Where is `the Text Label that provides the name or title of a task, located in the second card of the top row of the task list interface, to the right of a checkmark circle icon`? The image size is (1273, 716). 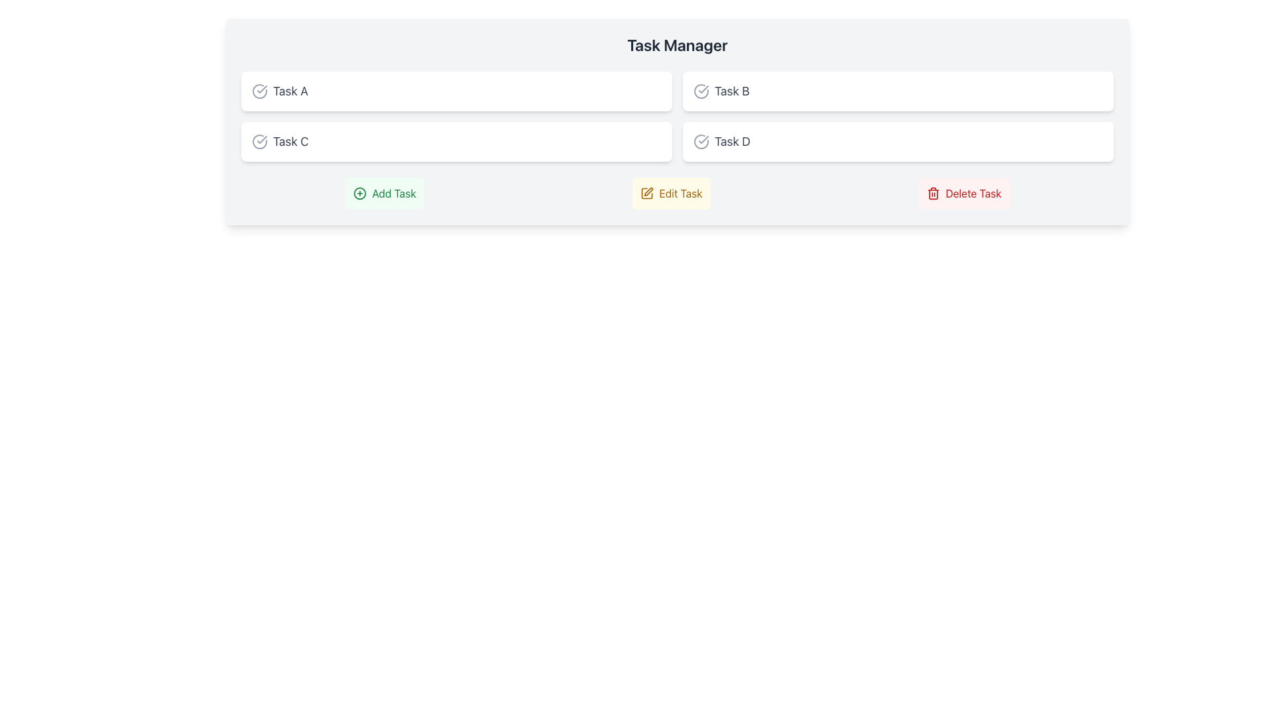 the Text Label that provides the name or title of a task, located in the second card of the top row of the task list interface, to the right of a checkmark circle icon is located at coordinates (731, 91).